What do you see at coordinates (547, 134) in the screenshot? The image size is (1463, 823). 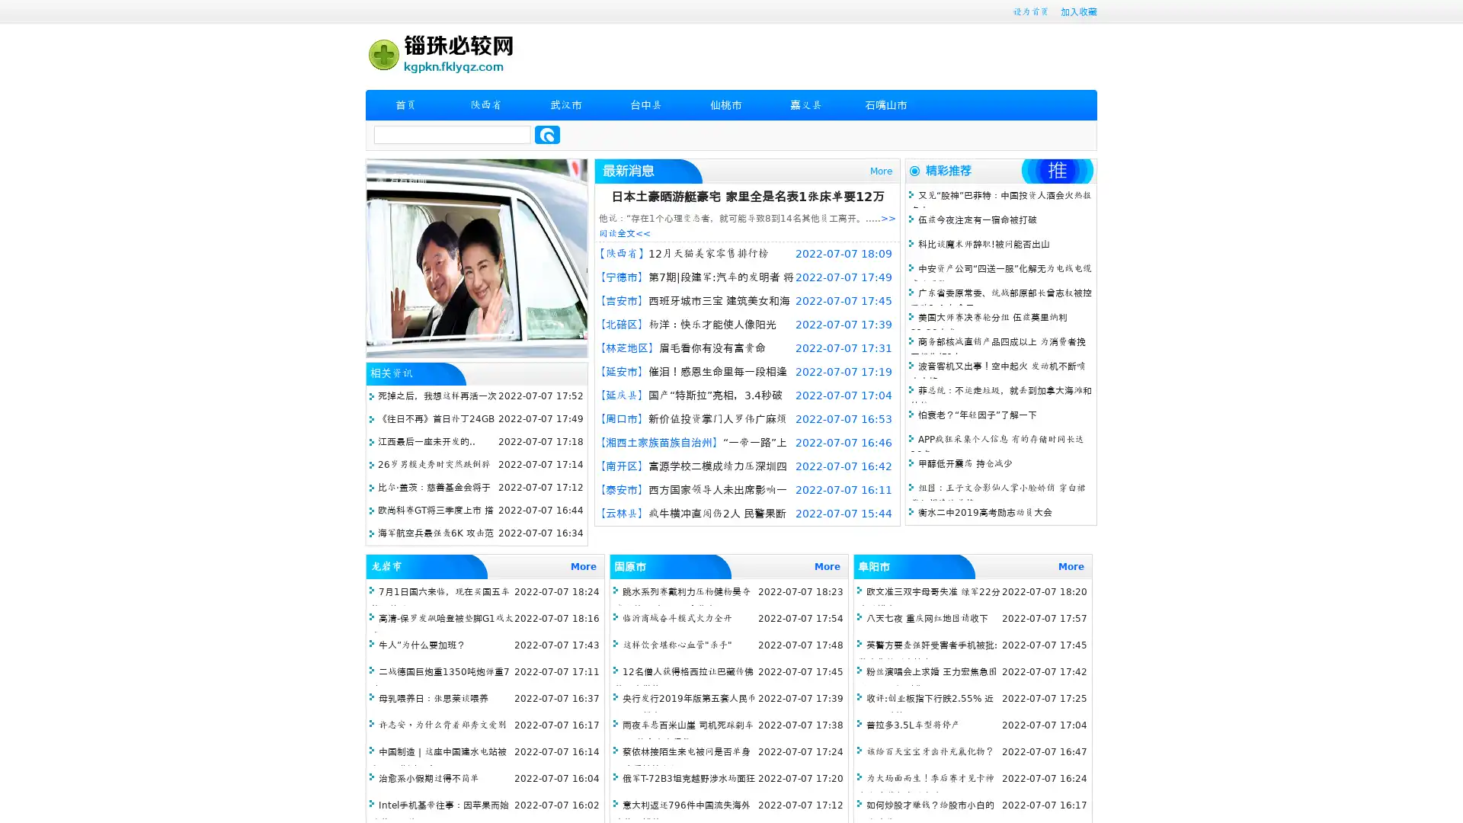 I see `Search` at bounding box center [547, 134].